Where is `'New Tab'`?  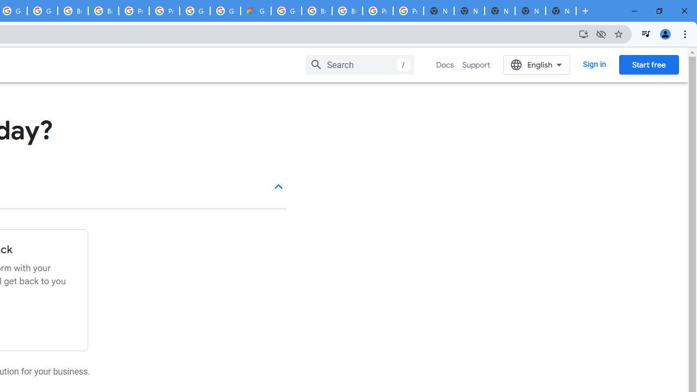 'New Tab' is located at coordinates (585, 11).